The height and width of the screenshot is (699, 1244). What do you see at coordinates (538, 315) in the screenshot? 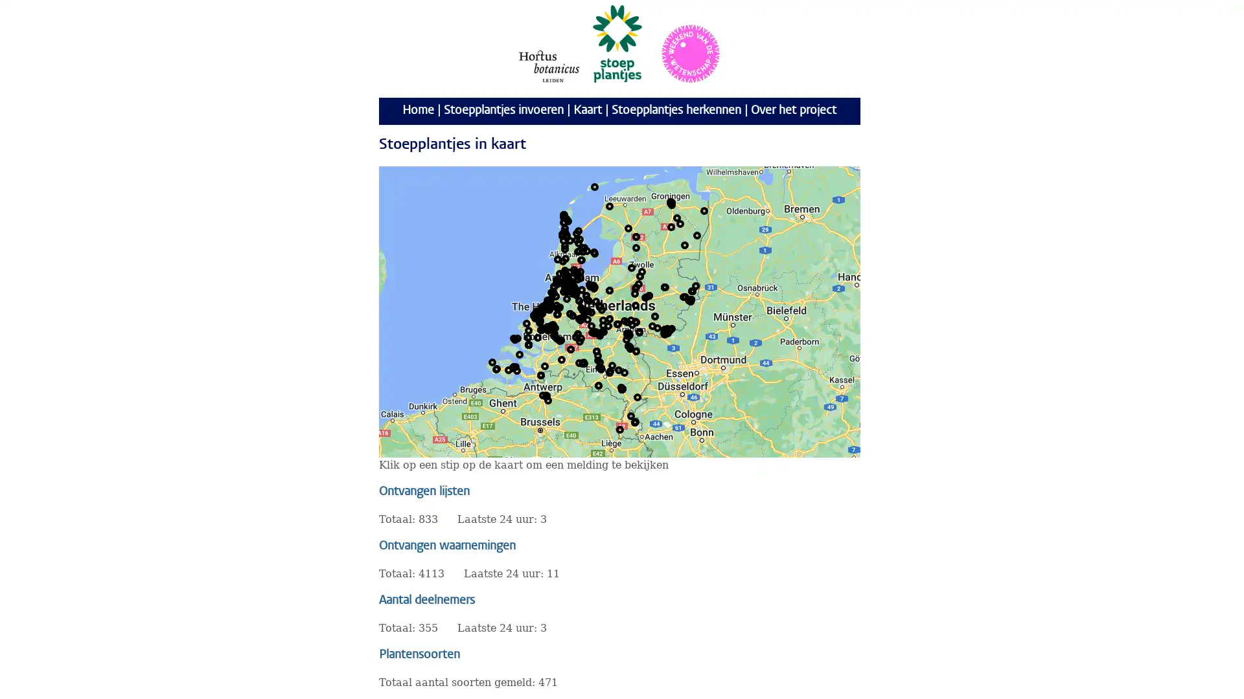
I see `Telling van Annemiek op 29 april 2022` at bounding box center [538, 315].